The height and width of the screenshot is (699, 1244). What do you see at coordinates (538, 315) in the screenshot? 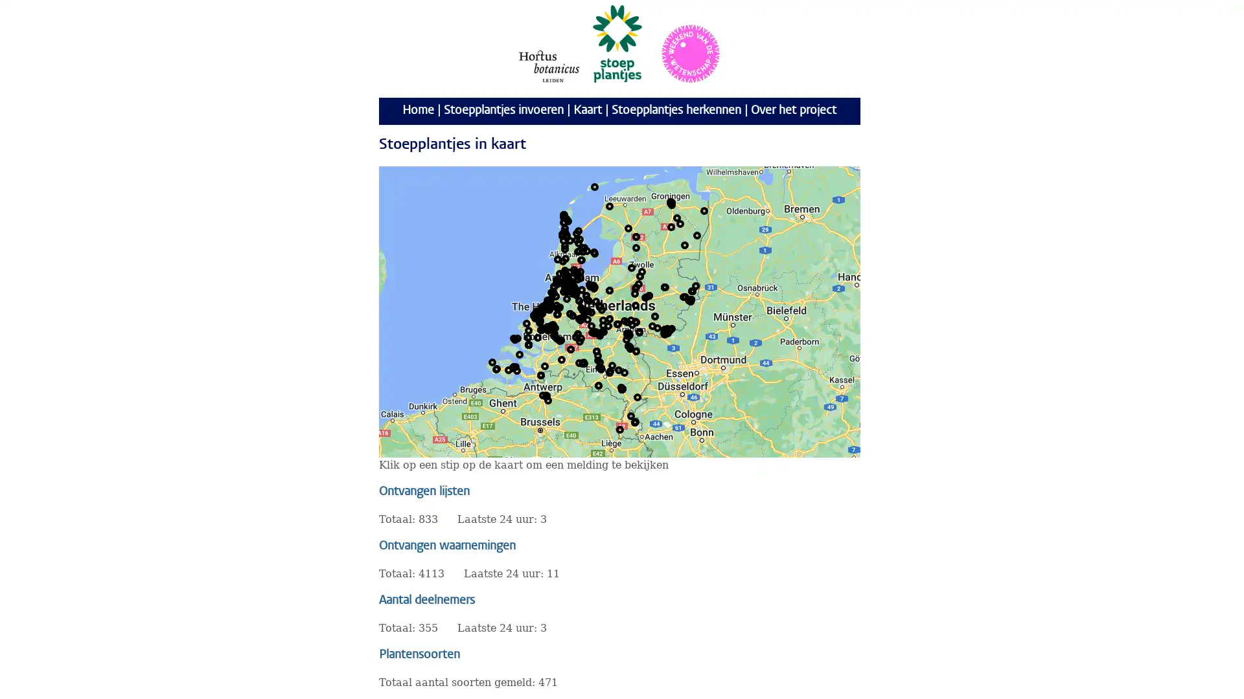
I see `Telling van Annemiek op 29 april 2022` at bounding box center [538, 315].